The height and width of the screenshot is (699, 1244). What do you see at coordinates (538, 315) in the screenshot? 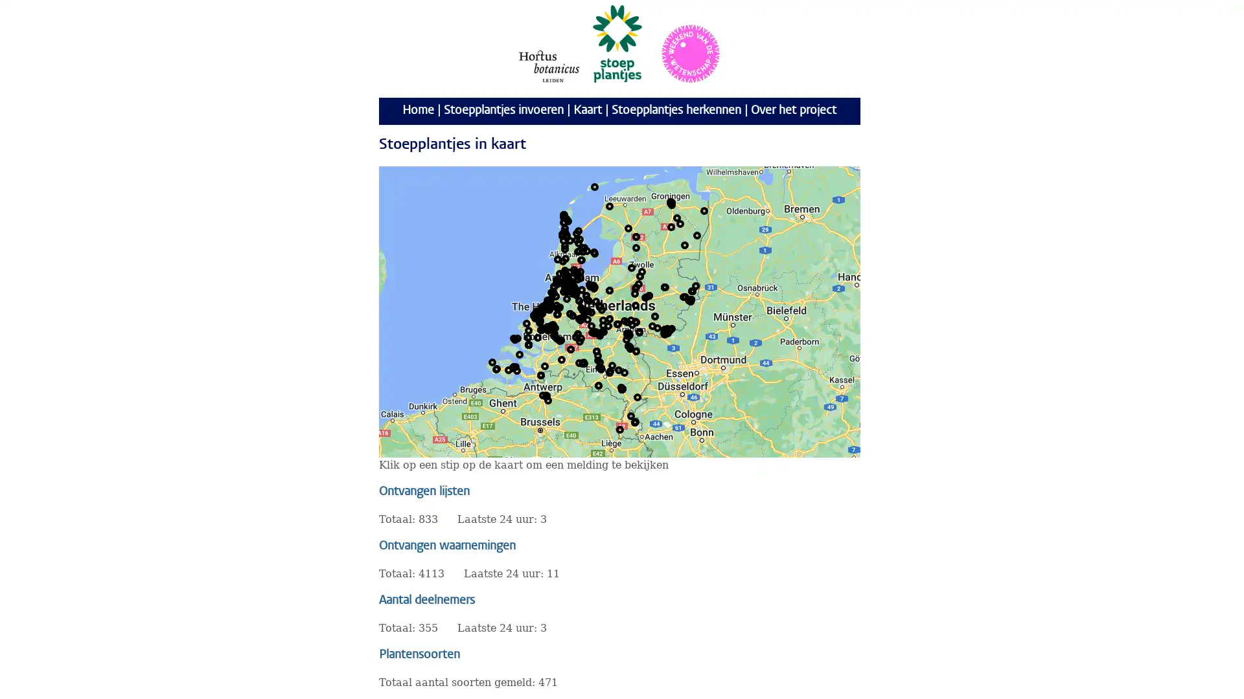
I see `Telling van Annemiek op 29 april 2022` at bounding box center [538, 315].